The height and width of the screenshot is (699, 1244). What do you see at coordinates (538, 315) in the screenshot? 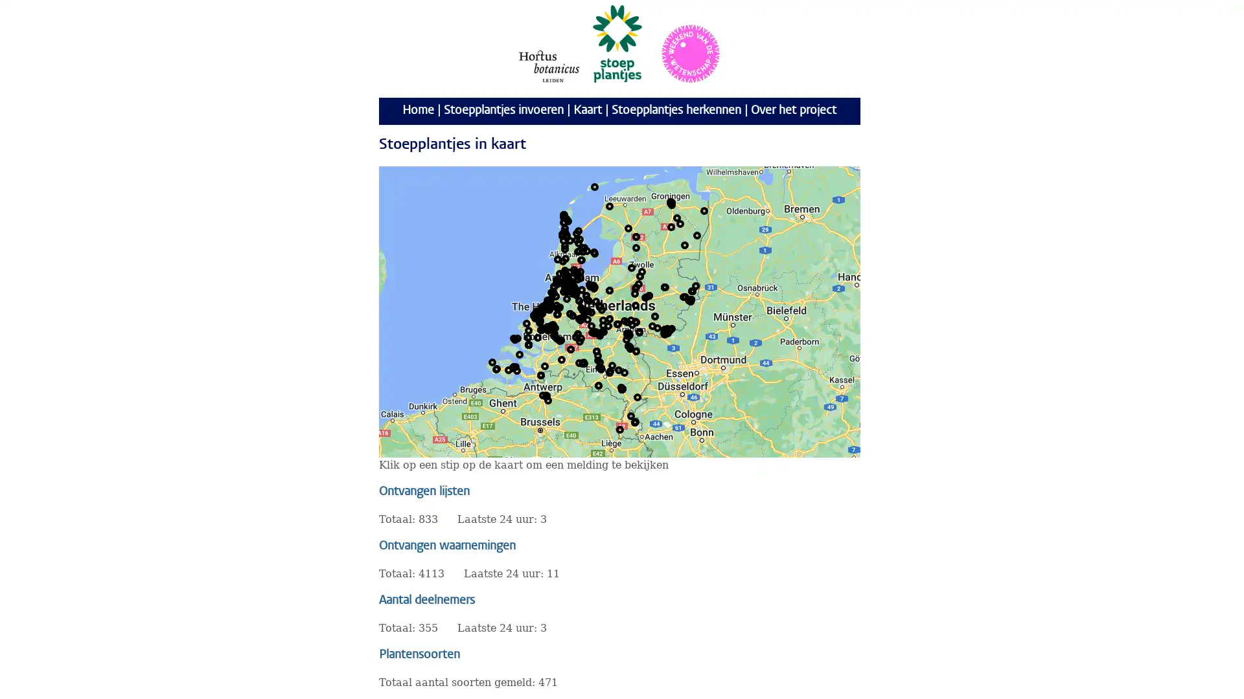
I see `Telling van Annemiek op 29 april 2022` at bounding box center [538, 315].